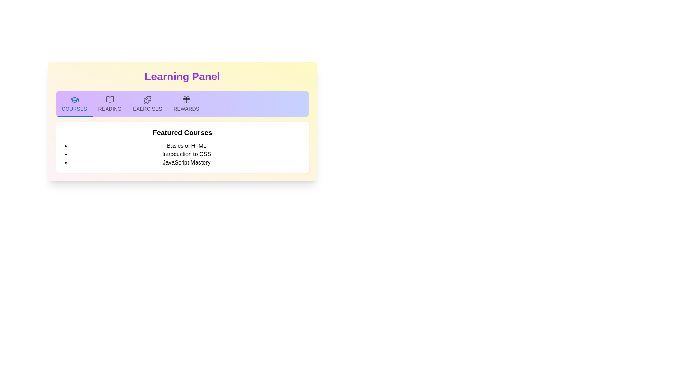 The height and width of the screenshot is (378, 673). I want to click on the second tab button, so click(109, 104).